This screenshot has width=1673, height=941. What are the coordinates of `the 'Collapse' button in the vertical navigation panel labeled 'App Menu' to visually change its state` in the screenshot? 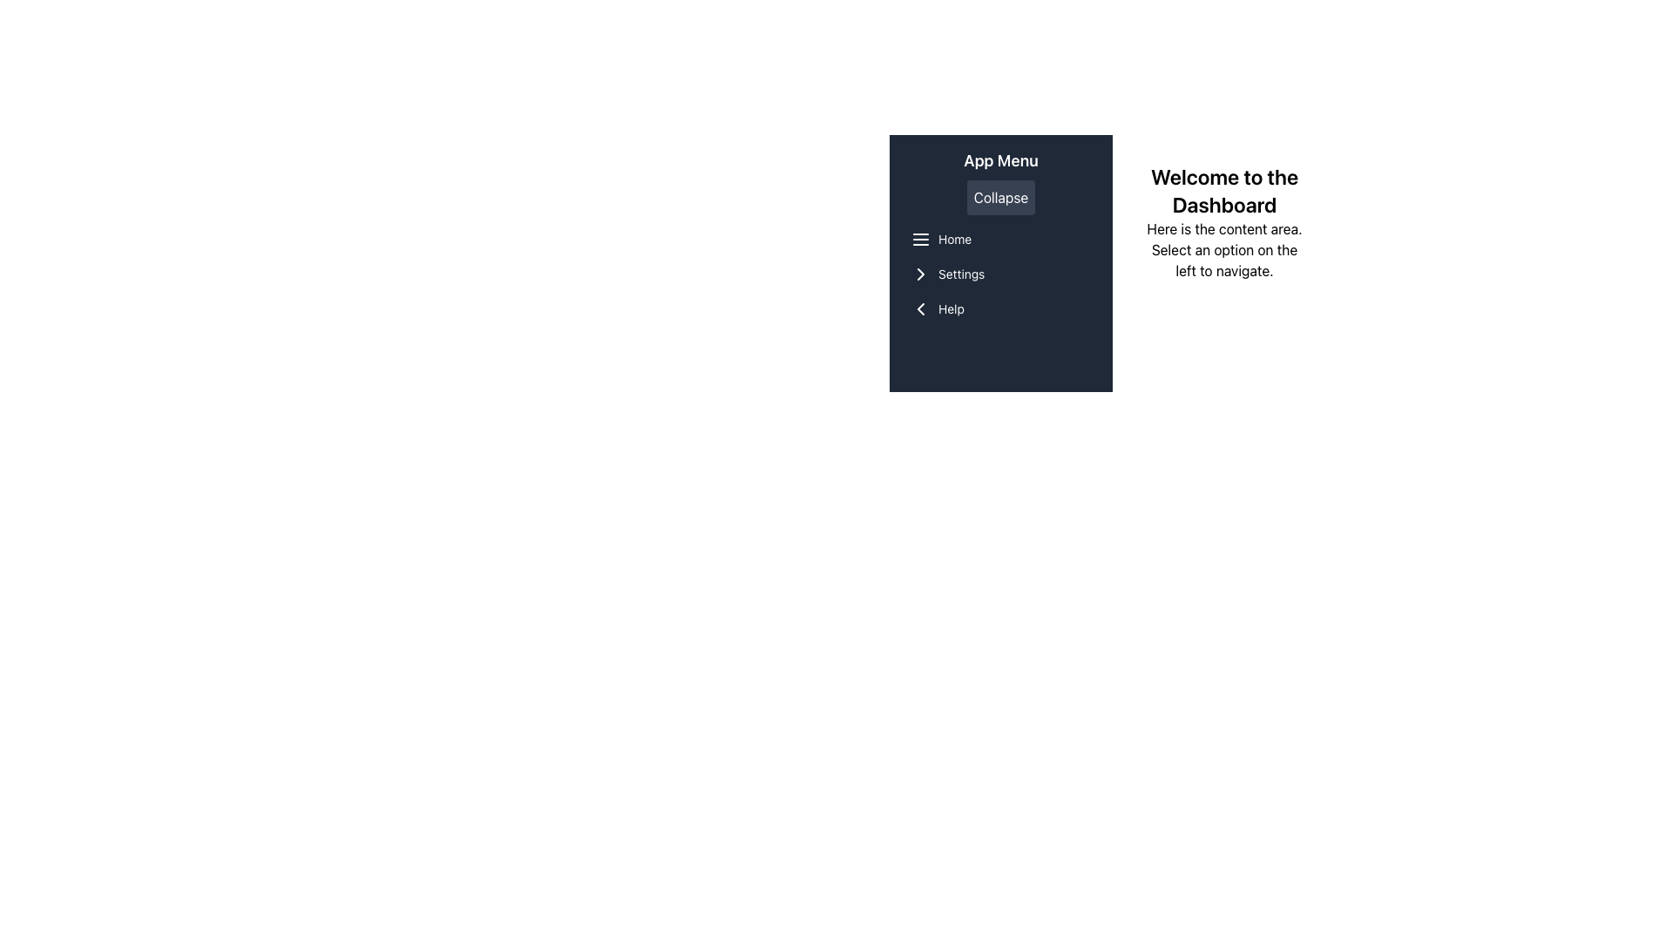 It's located at (1000, 197).